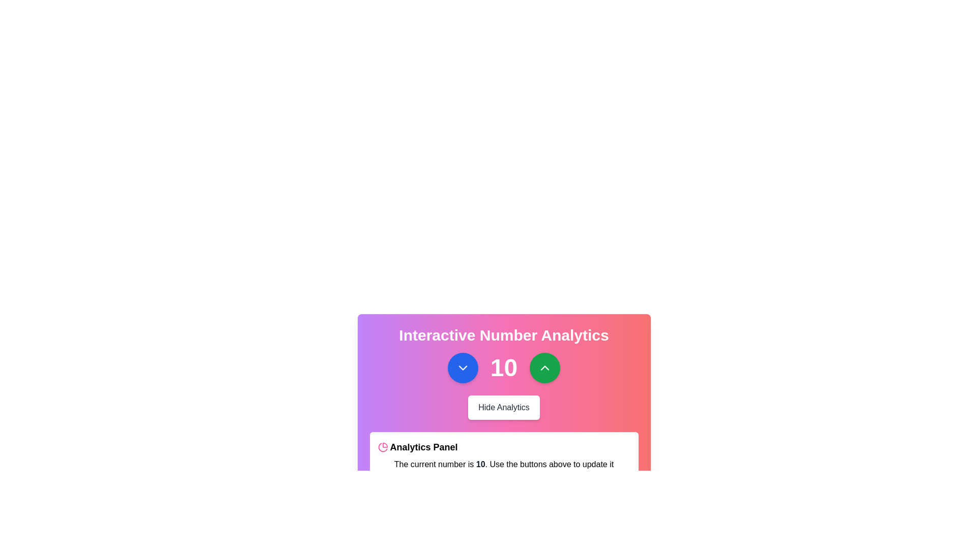  Describe the element at coordinates (504, 470) in the screenshot. I see `the text block element displaying 'The current number is 10. Use the buttons above to update it dynamically.' located in the Analytics Panel` at that location.